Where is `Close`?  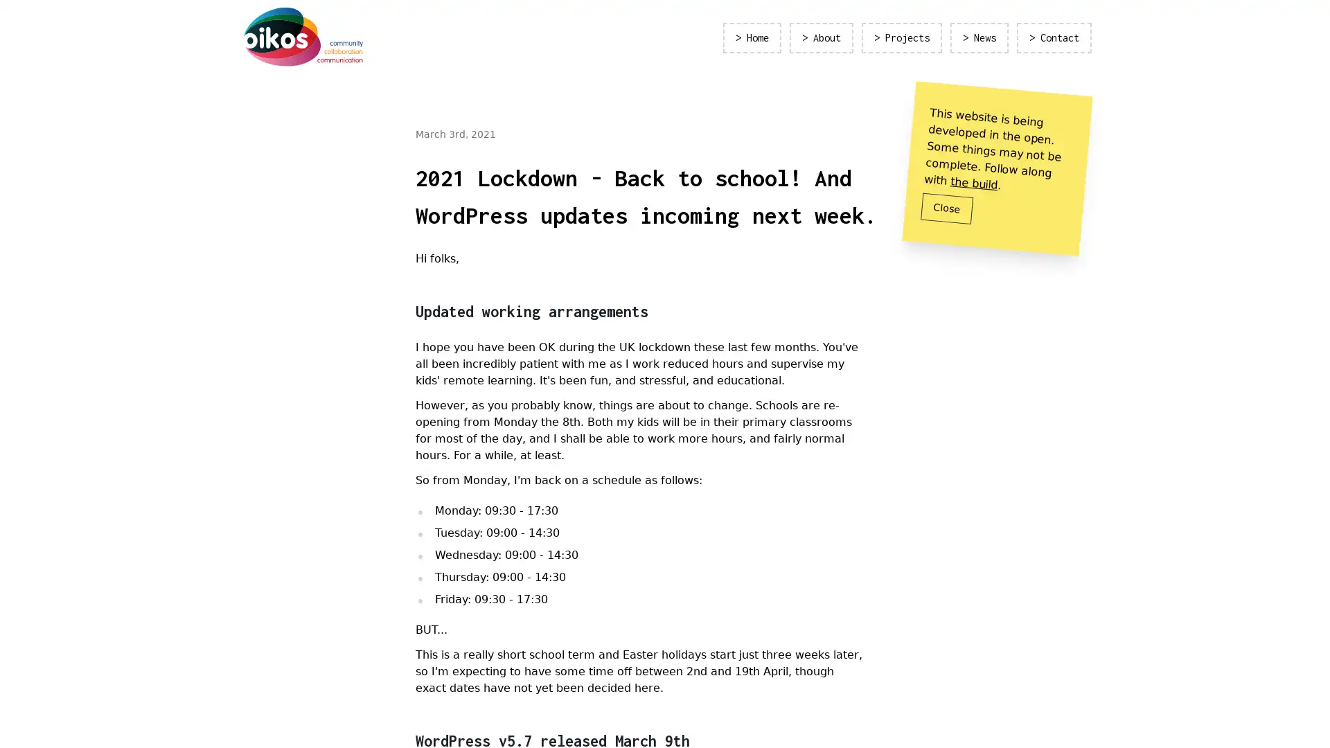 Close is located at coordinates (946, 208).